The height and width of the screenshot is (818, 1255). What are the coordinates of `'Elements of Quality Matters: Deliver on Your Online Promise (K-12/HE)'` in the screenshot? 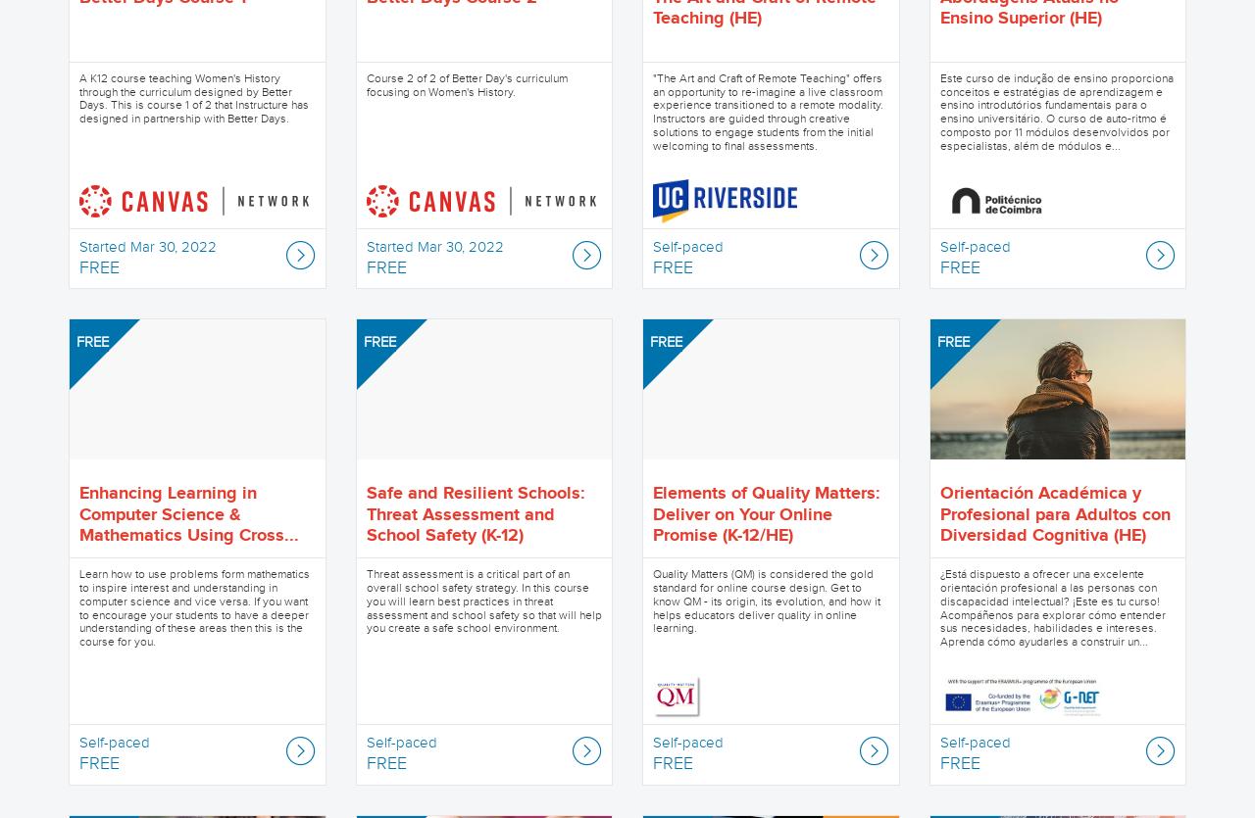 It's located at (652, 514).